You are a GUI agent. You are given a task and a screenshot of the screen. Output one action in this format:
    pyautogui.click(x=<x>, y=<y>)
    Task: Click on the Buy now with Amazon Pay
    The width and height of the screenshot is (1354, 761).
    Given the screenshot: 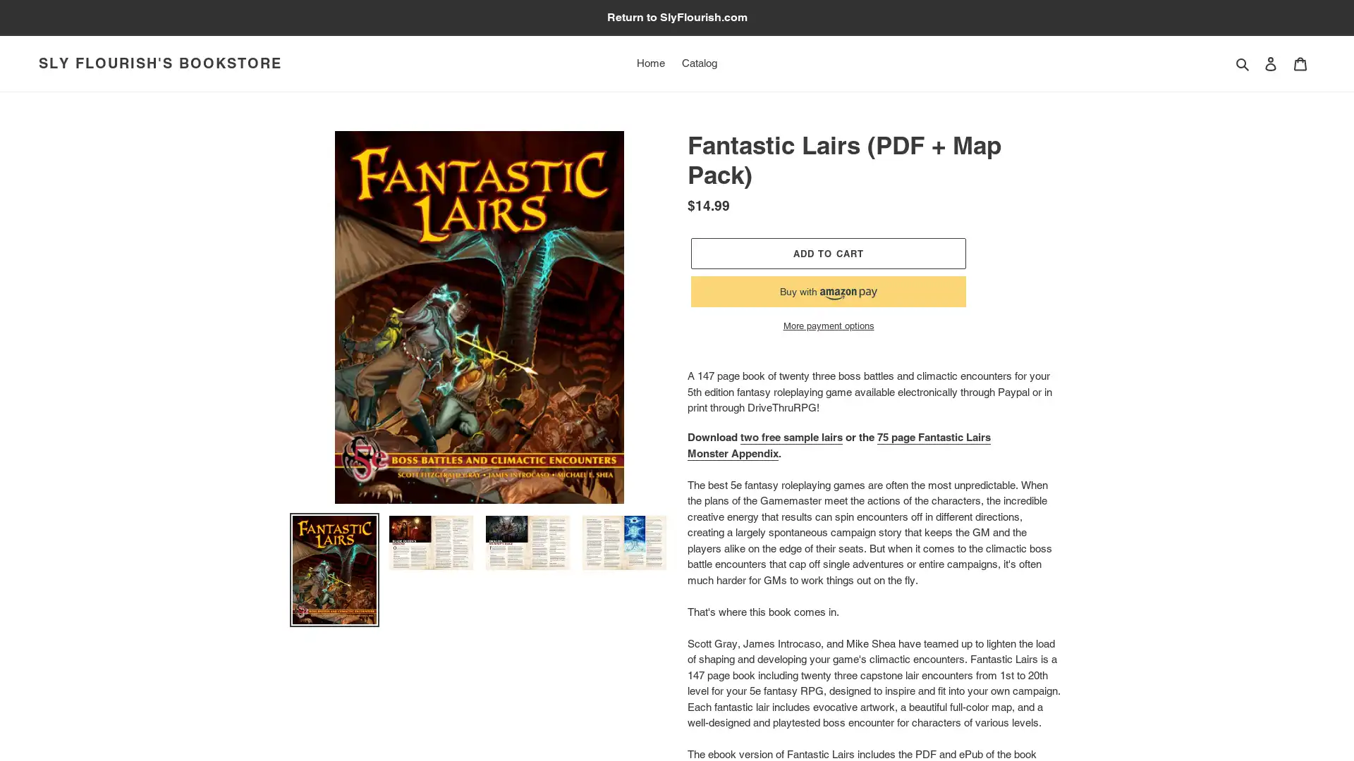 What is the action you would take?
    pyautogui.click(x=829, y=290)
    